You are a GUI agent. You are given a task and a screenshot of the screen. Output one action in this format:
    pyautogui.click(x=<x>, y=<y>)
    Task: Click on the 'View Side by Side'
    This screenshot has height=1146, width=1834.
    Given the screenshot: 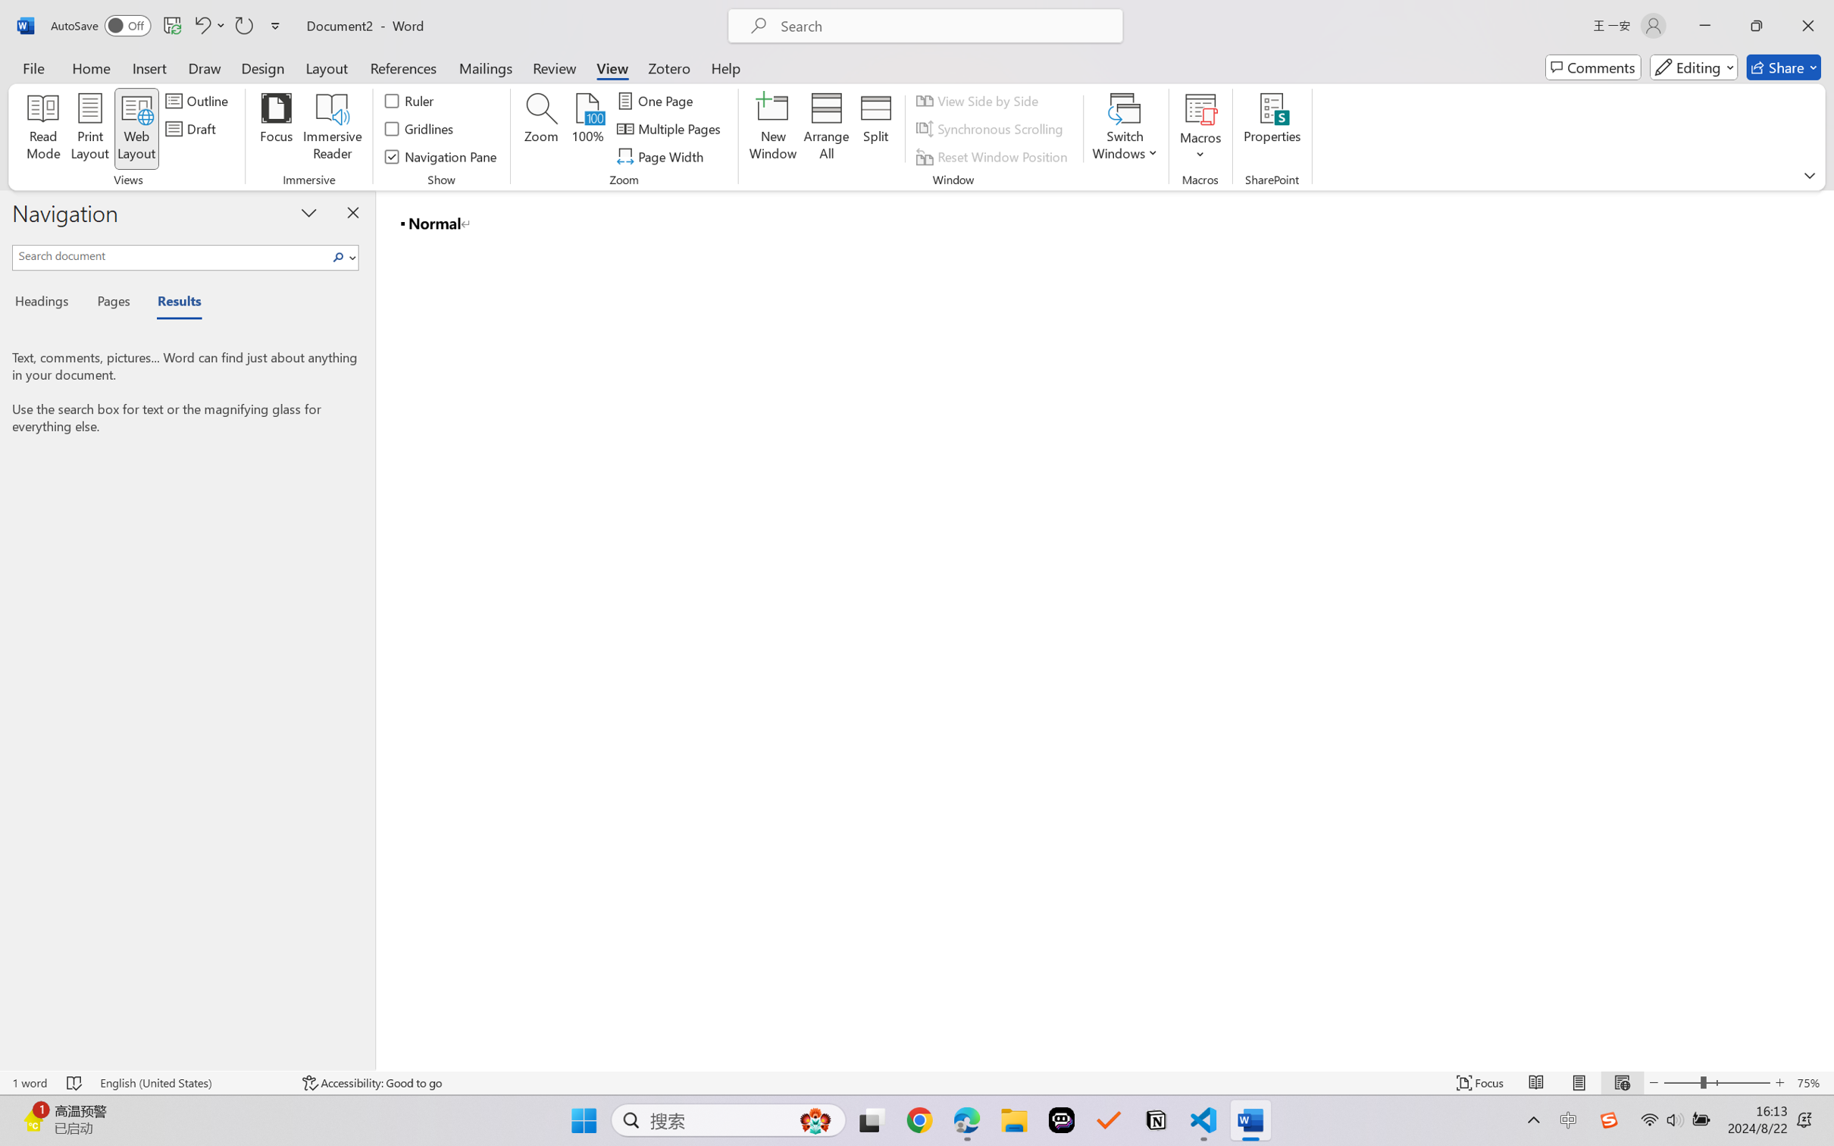 What is the action you would take?
    pyautogui.click(x=978, y=99)
    